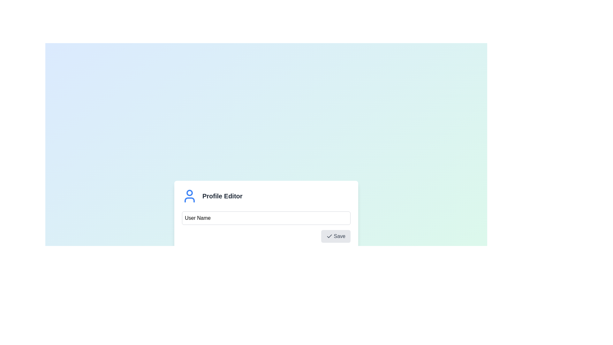 Image resolution: width=613 pixels, height=345 pixels. What do you see at coordinates (335, 236) in the screenshot?
I see `the 'Save' button, which has a rounded light gray background, darker gray text, and a checkmark icon` at bounding box center [335, 236].